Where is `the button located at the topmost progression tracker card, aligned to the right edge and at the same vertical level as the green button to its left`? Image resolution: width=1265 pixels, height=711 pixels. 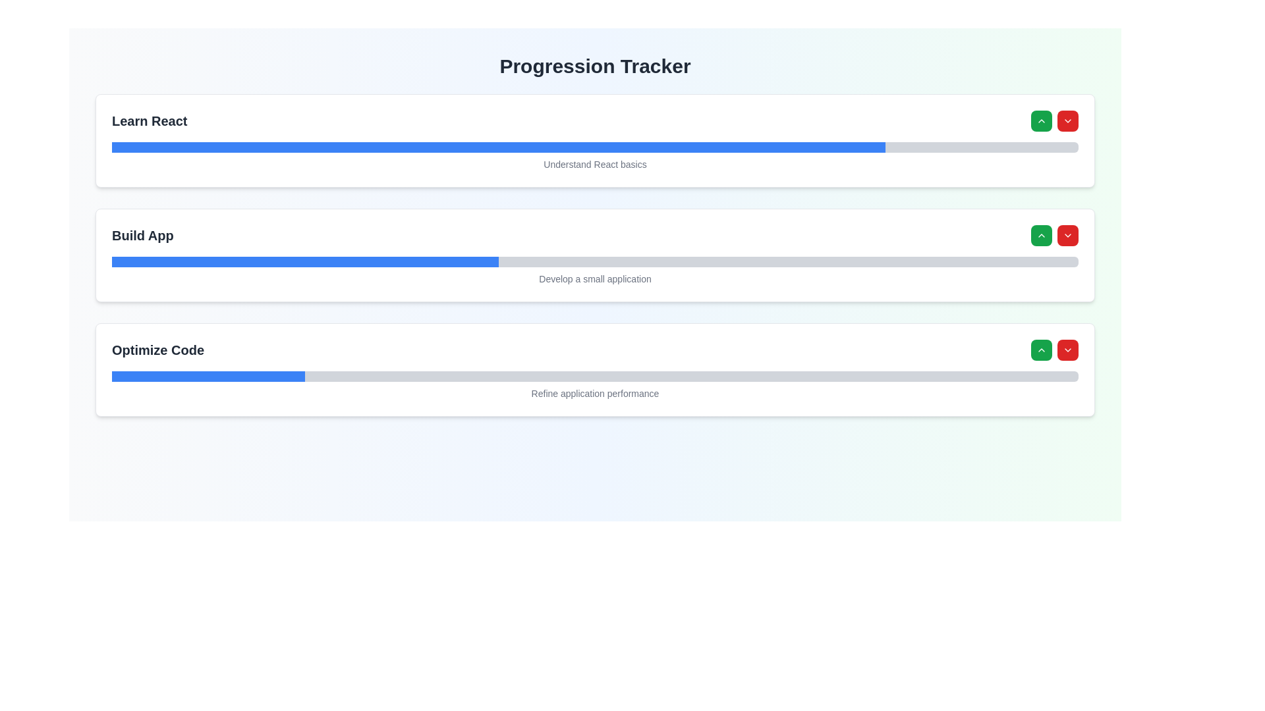
the button located at the topmost progression tracker card, aligned to the right edge and at the same vertical level as the green button to its left is located at coordinates (1068, 121).